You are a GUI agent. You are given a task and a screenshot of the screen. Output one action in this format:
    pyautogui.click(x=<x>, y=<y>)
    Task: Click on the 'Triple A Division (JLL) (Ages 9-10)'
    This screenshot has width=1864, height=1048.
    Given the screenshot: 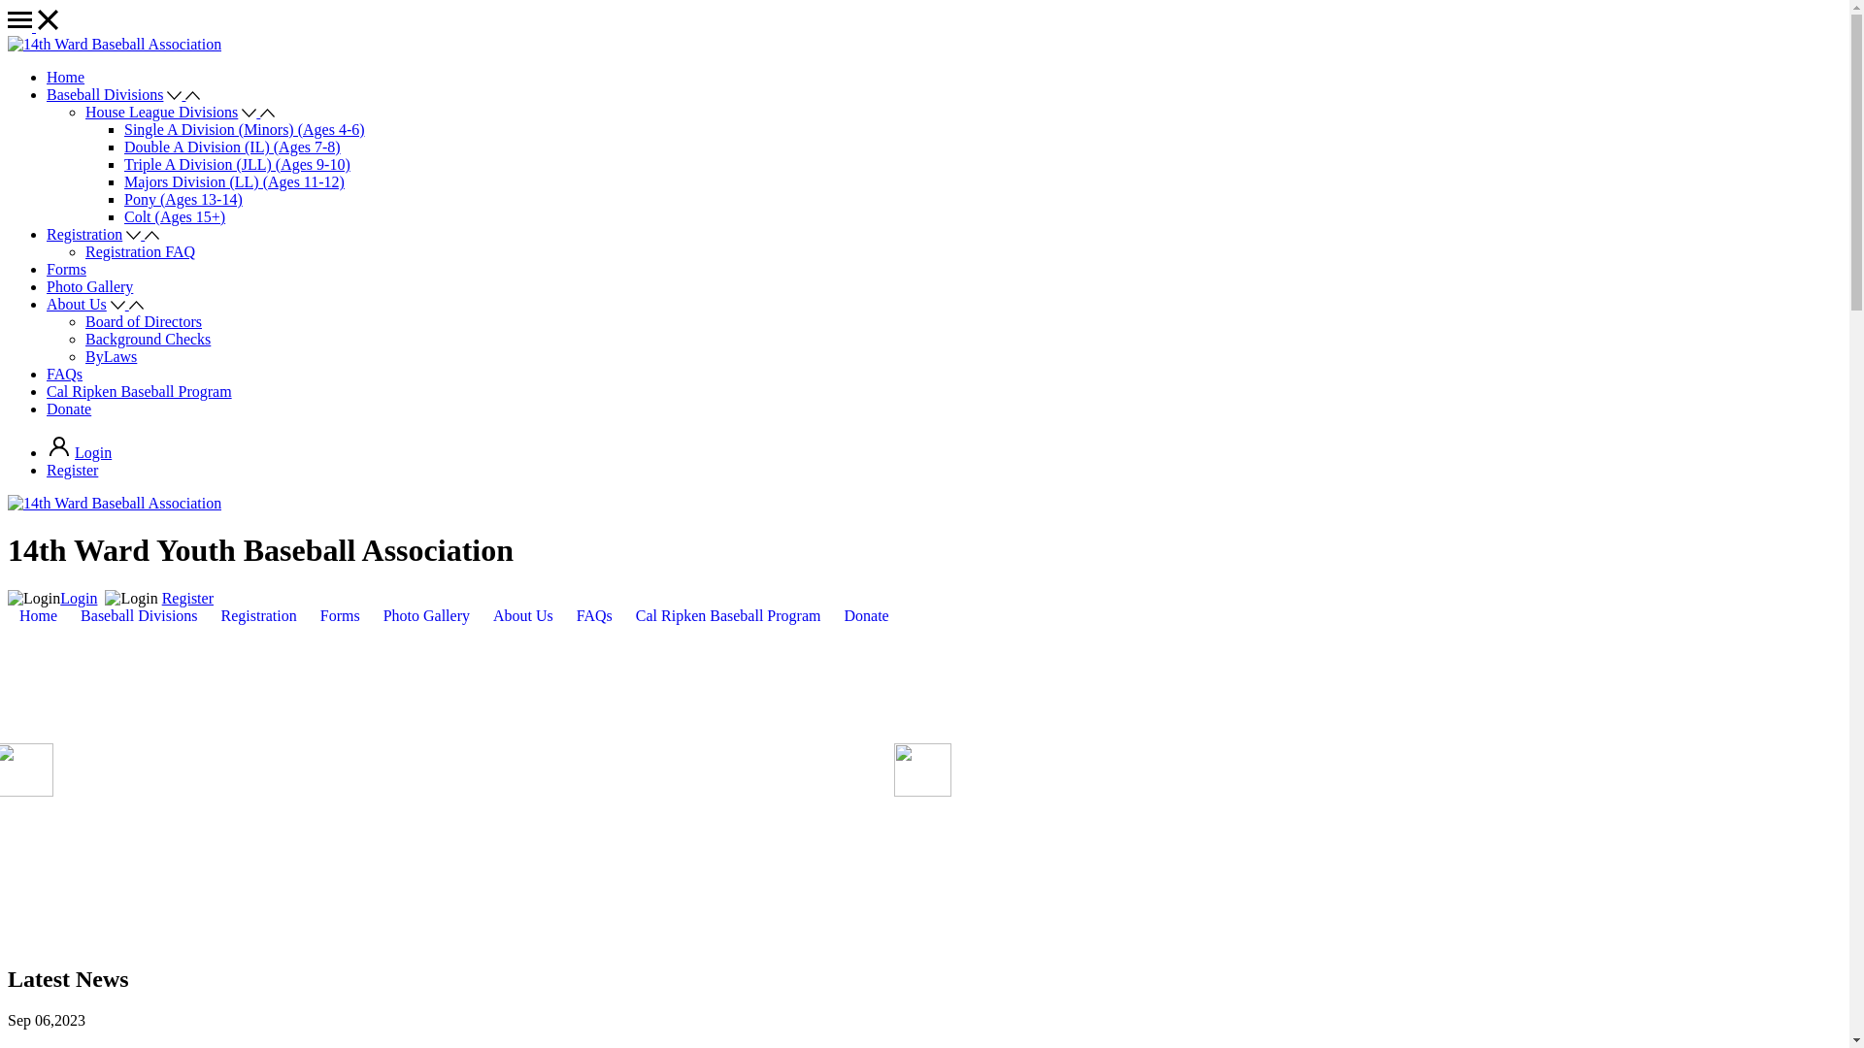 What is the action you would take?
    pyautogui.click(x=123, y=163)
    